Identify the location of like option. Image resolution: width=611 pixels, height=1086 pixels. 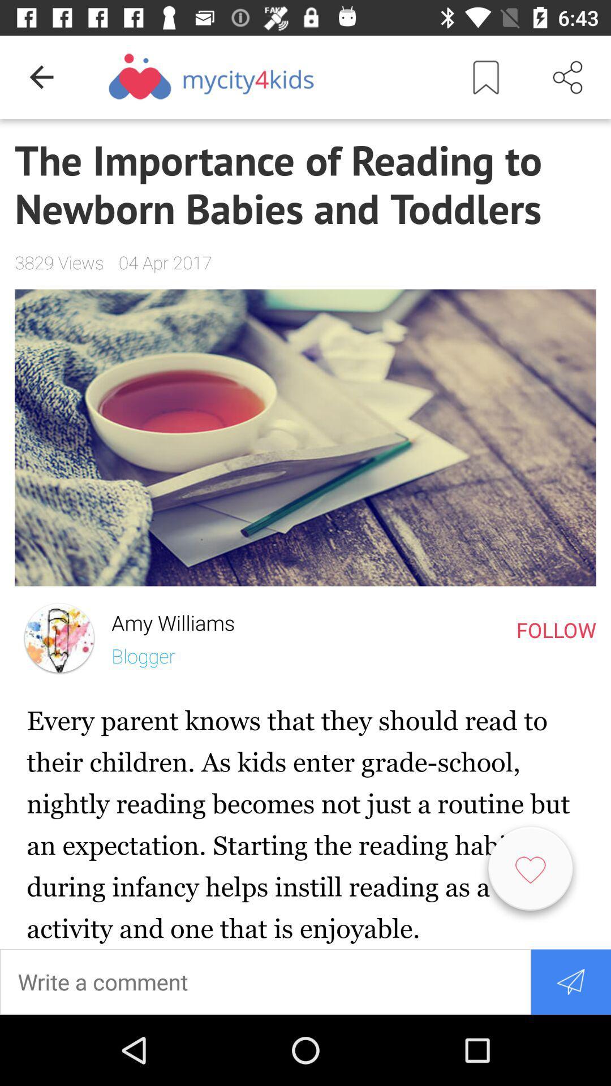
(530, 872).